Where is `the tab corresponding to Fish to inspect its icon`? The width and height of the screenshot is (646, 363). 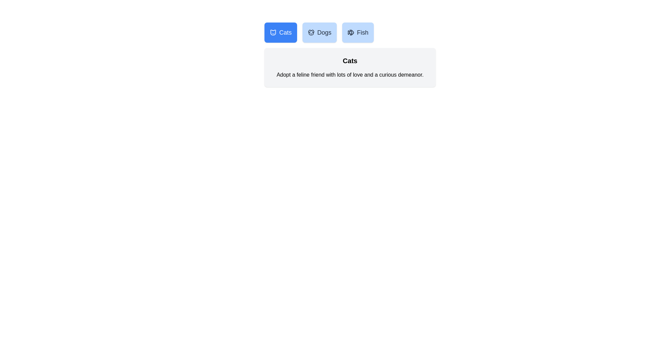
the tab corresponding to Fish to inspect its icon is located at coordinates (358, 32).